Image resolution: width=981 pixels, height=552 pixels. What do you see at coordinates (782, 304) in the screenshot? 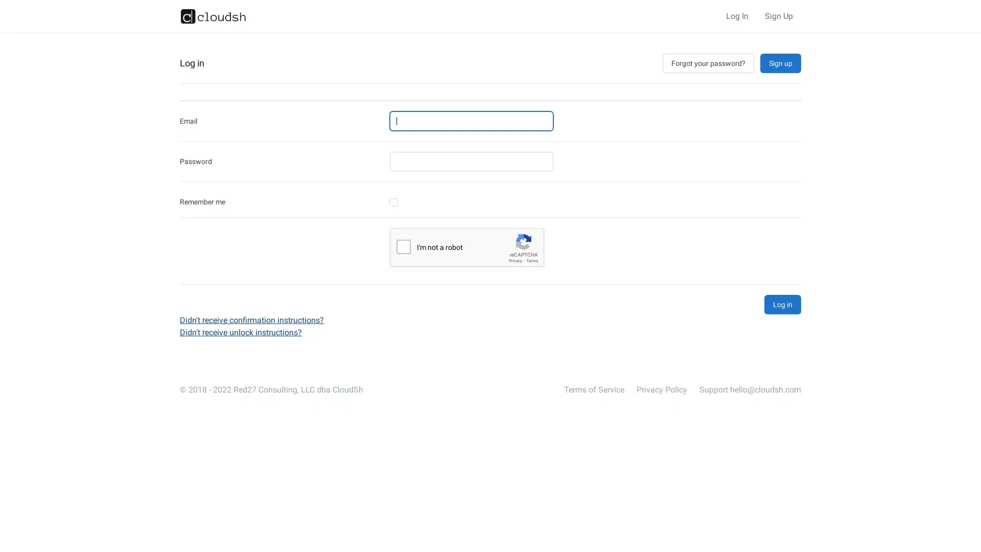
I see `Log in` at bounding box center [782, 304].